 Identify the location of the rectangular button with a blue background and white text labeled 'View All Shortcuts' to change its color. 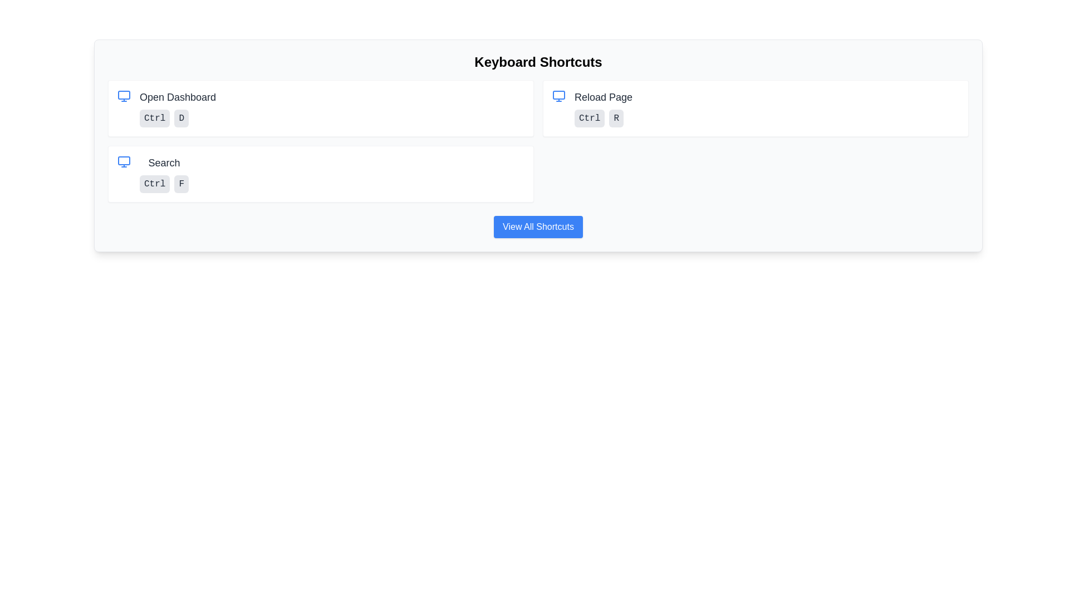
(538, 226).